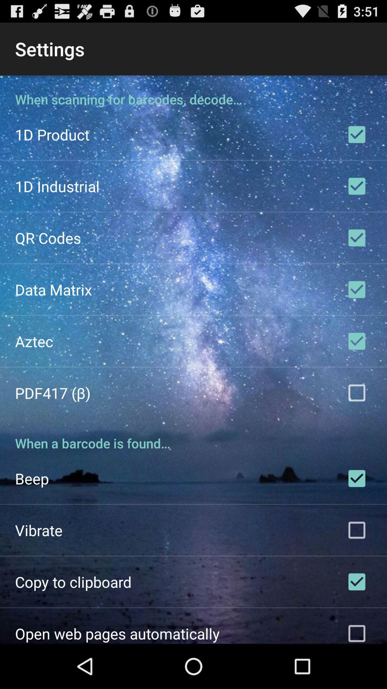 Image resolution: width=387 pixels, height=689 pixels. I want to click on the click box on vibrate row, so click(357, 530).